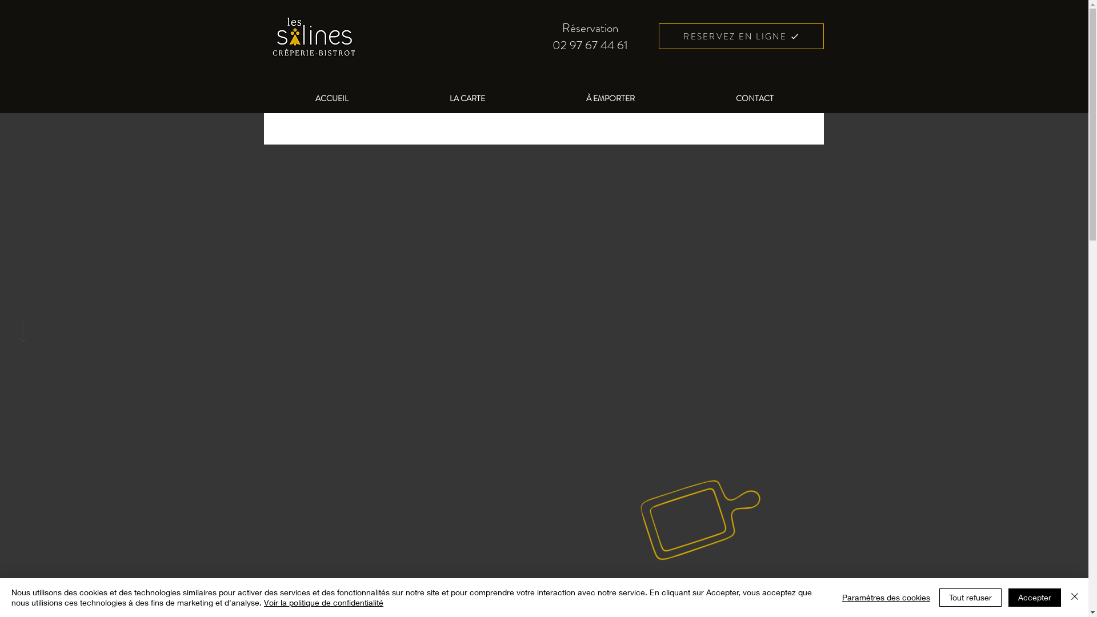 The height and width of the screenshot is (617, 1097). I want to click on 'Tout refuser', so click(970, 596).